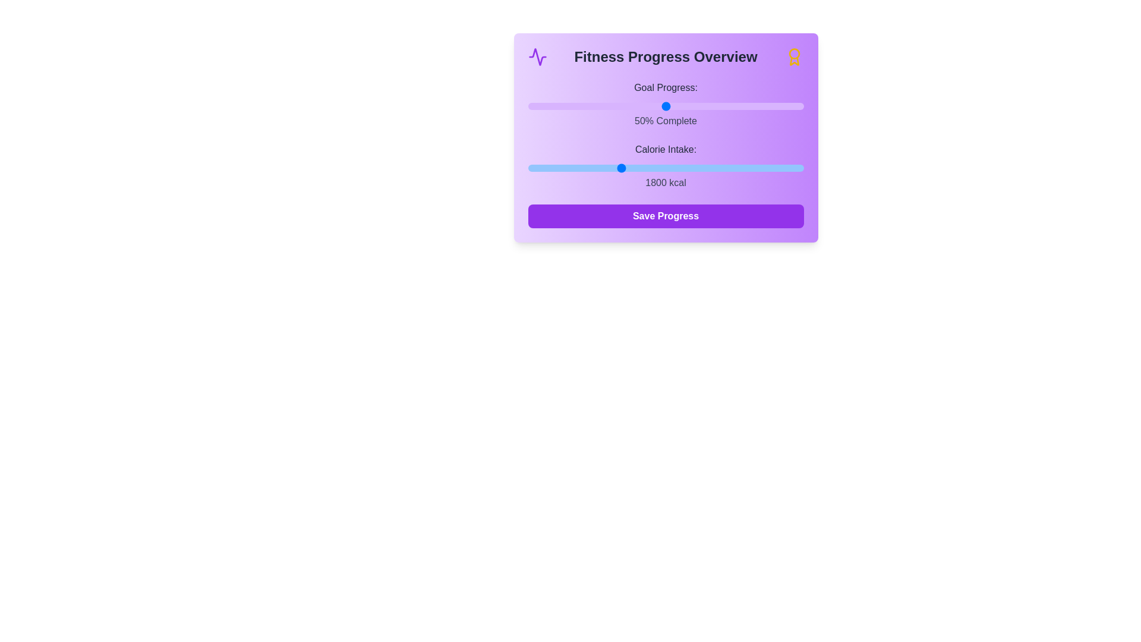 The image size is (1141, 642). I want to click on progress, so click(535, 105).